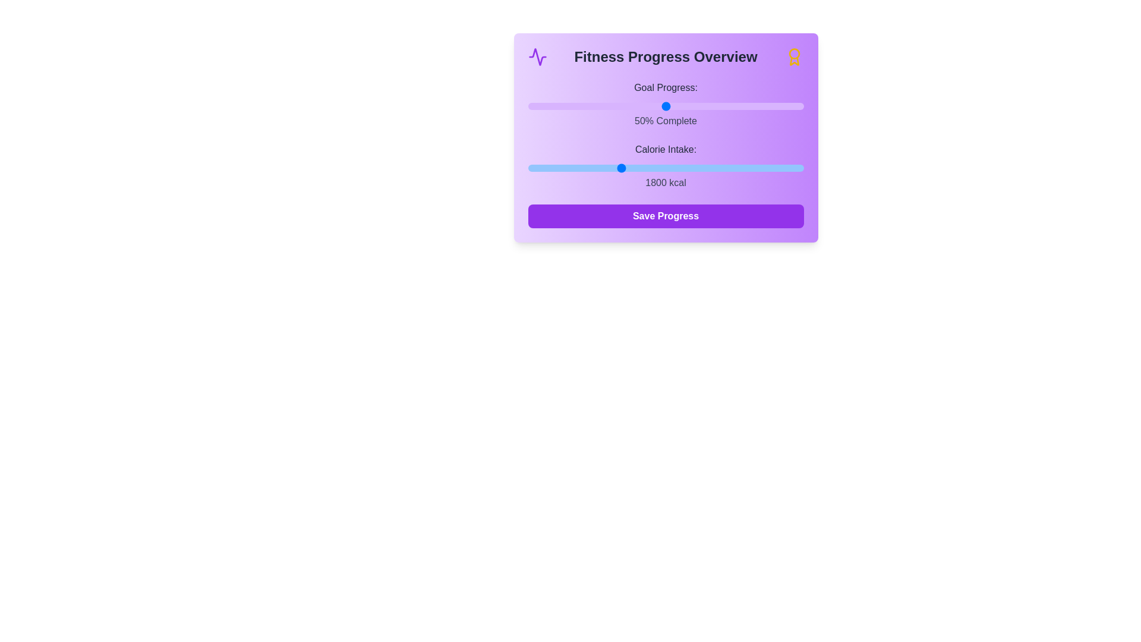 The image size is (1141, 642). I want to click on progress, so click(535, 105).